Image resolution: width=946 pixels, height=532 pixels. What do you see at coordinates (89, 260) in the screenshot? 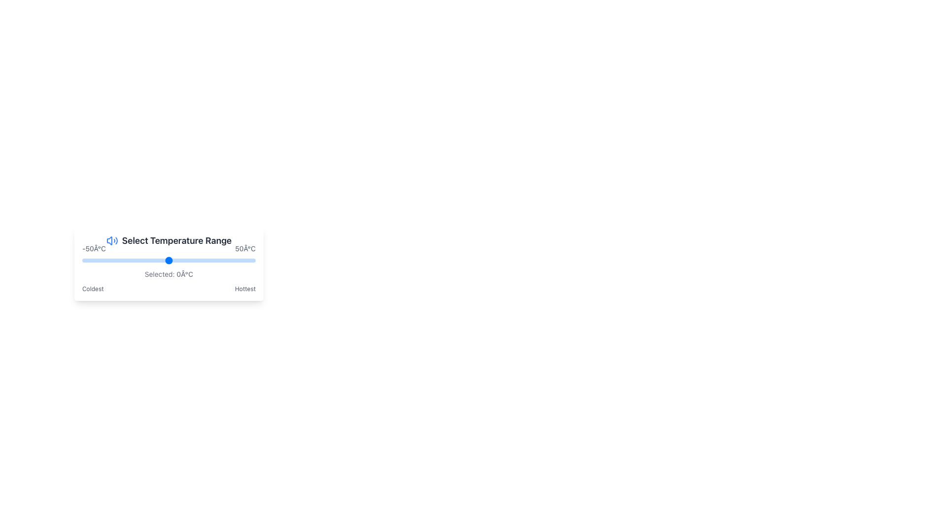
I see `the temperature range` at bounding box center [89, 260].